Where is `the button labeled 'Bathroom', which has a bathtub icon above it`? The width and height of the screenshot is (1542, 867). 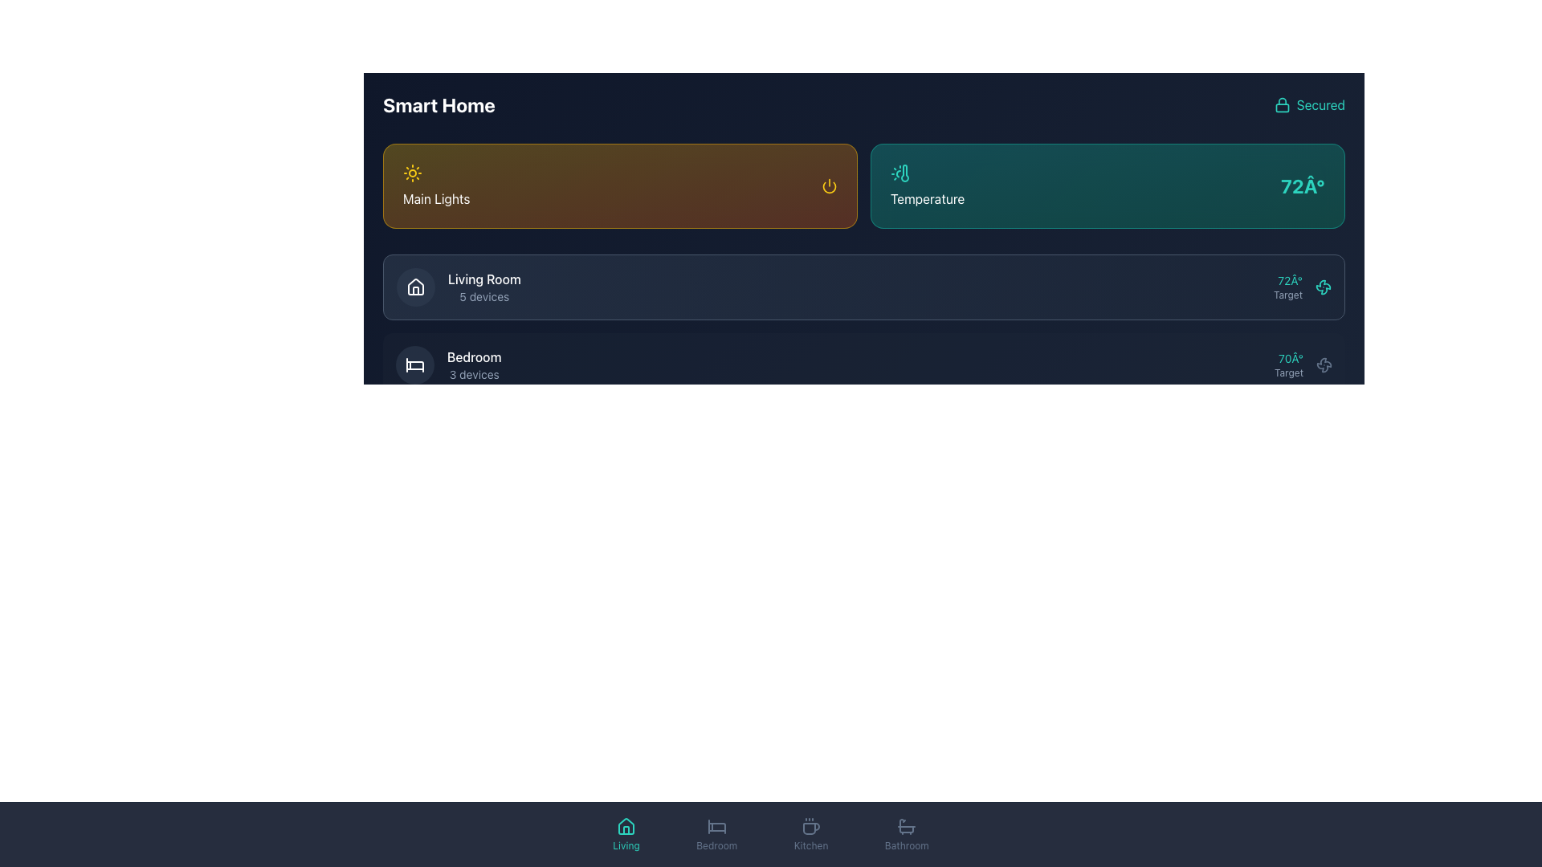 the button labeled 'Bathroom', which has a bathtub icon above it is located at coordinates (907, 834).